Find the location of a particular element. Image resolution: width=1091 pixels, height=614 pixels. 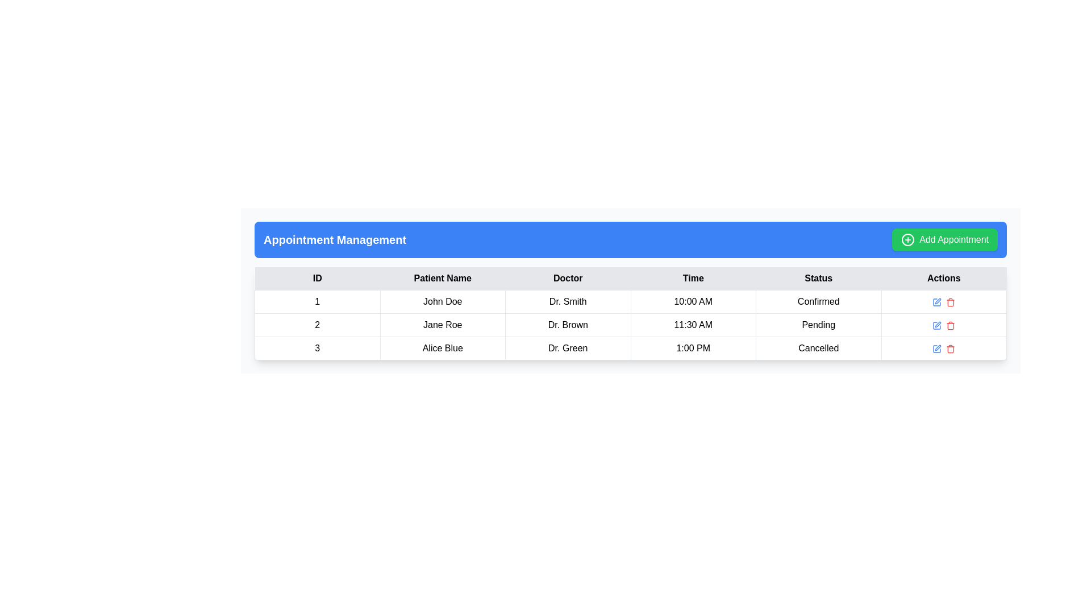

the graphical icon resembling a pen for editing located in the 'Actions' column of the second row of the table, next to the 'Pending' status is located at coordinates (938, 324).